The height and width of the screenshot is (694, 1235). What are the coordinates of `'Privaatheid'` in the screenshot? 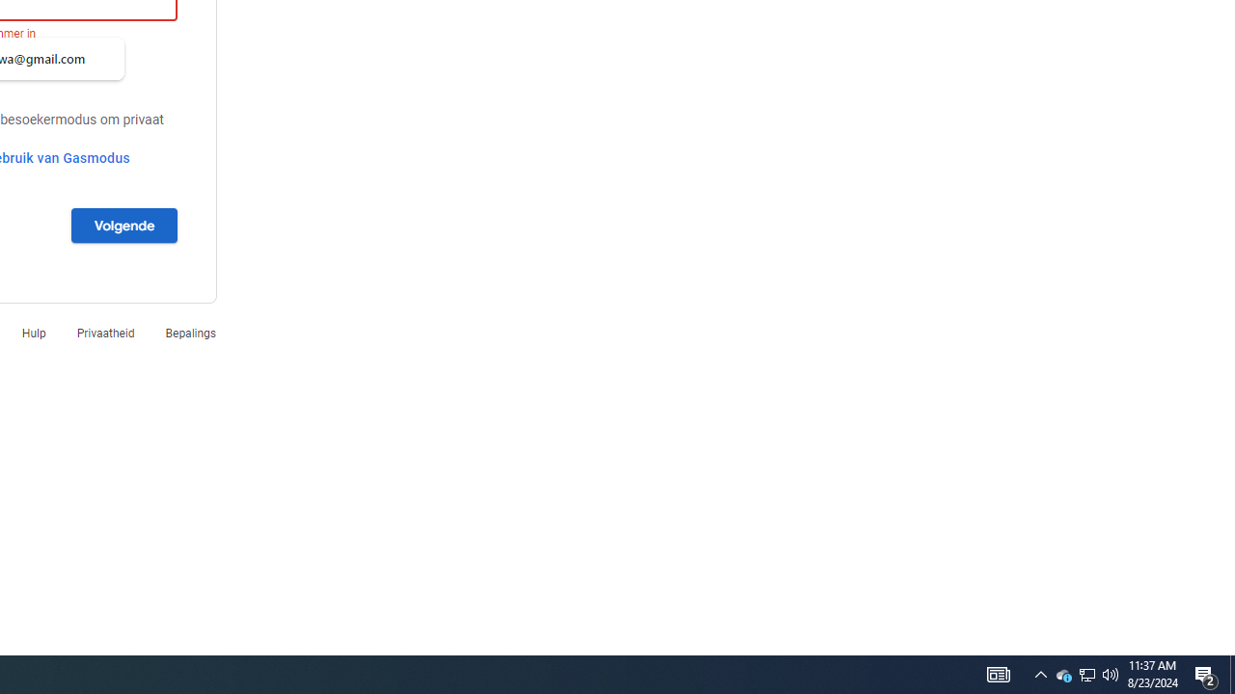 It's located at (104, 332).